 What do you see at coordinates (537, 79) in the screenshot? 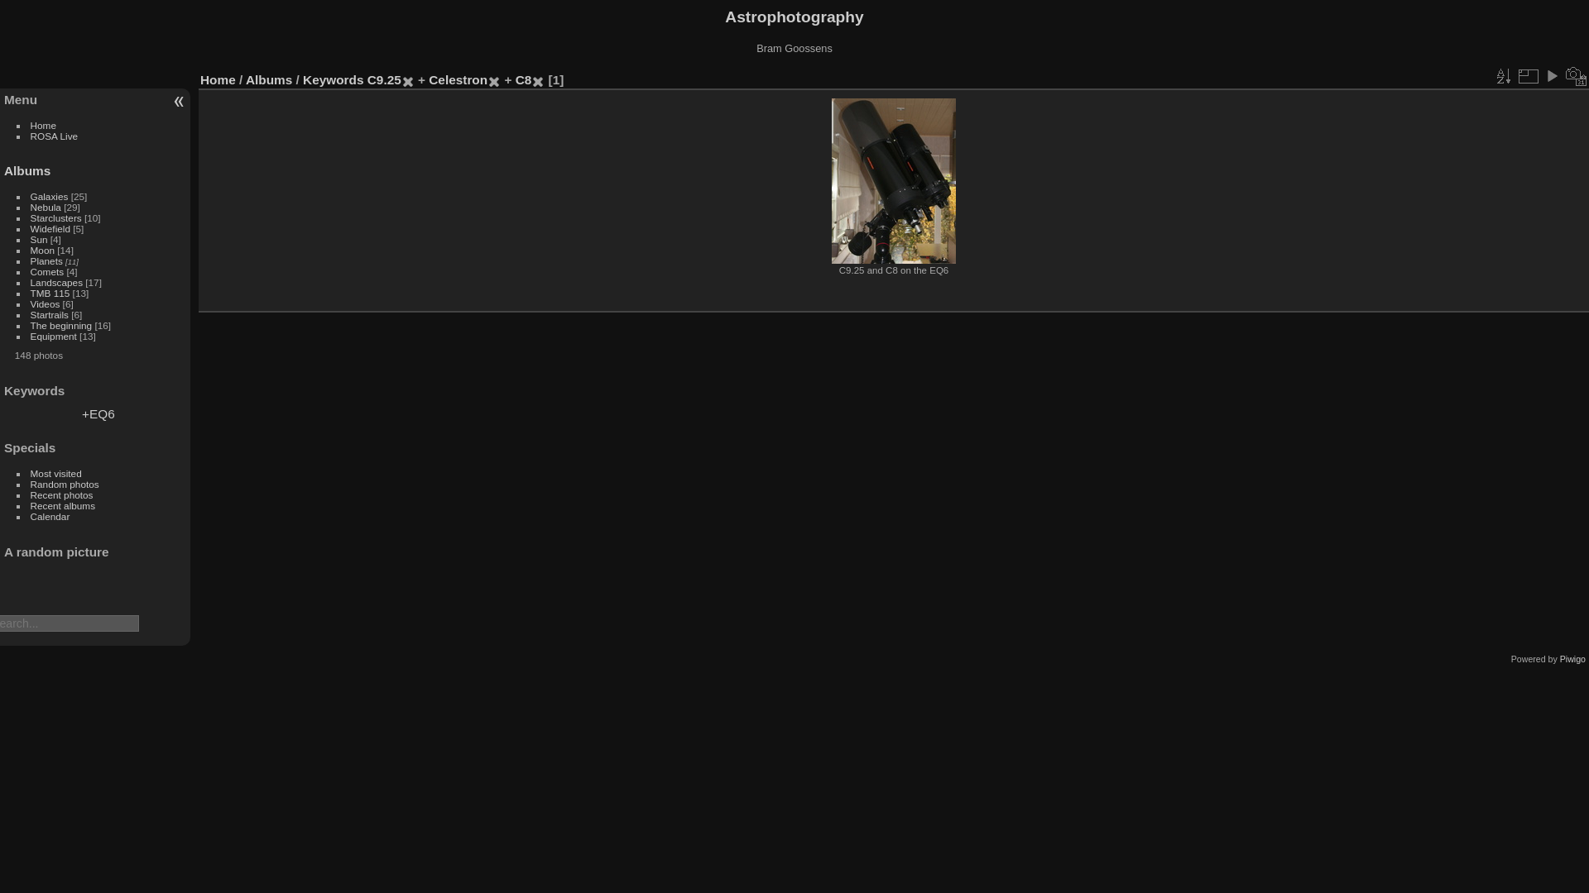
I see `'remove this keyword from the list'` at bounding box center [537, 79].